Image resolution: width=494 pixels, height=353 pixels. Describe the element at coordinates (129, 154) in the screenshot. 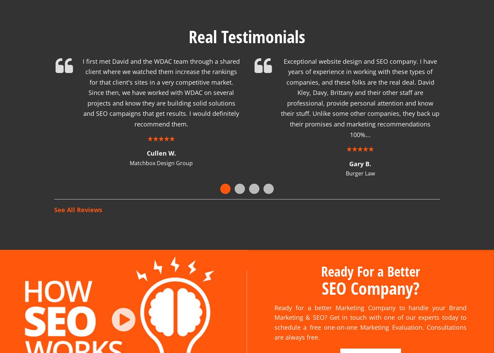

I see `'Matchbox Design Group'` at that location.